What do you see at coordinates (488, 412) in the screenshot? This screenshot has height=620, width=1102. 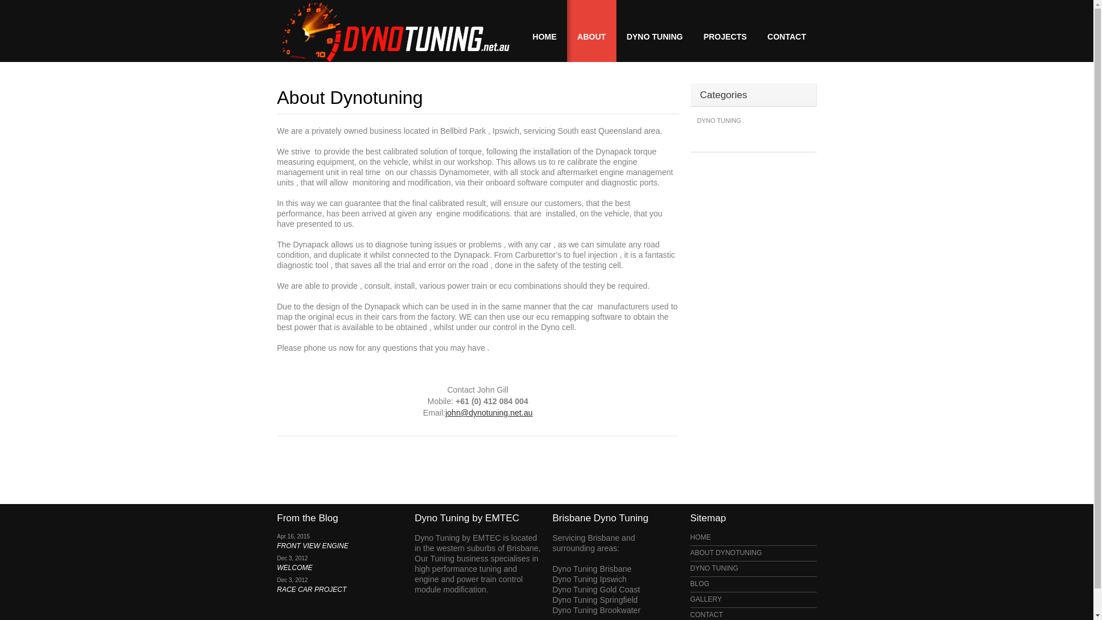 I see `'john@dynotuning.net.au'` at bounding box center [488, 412].